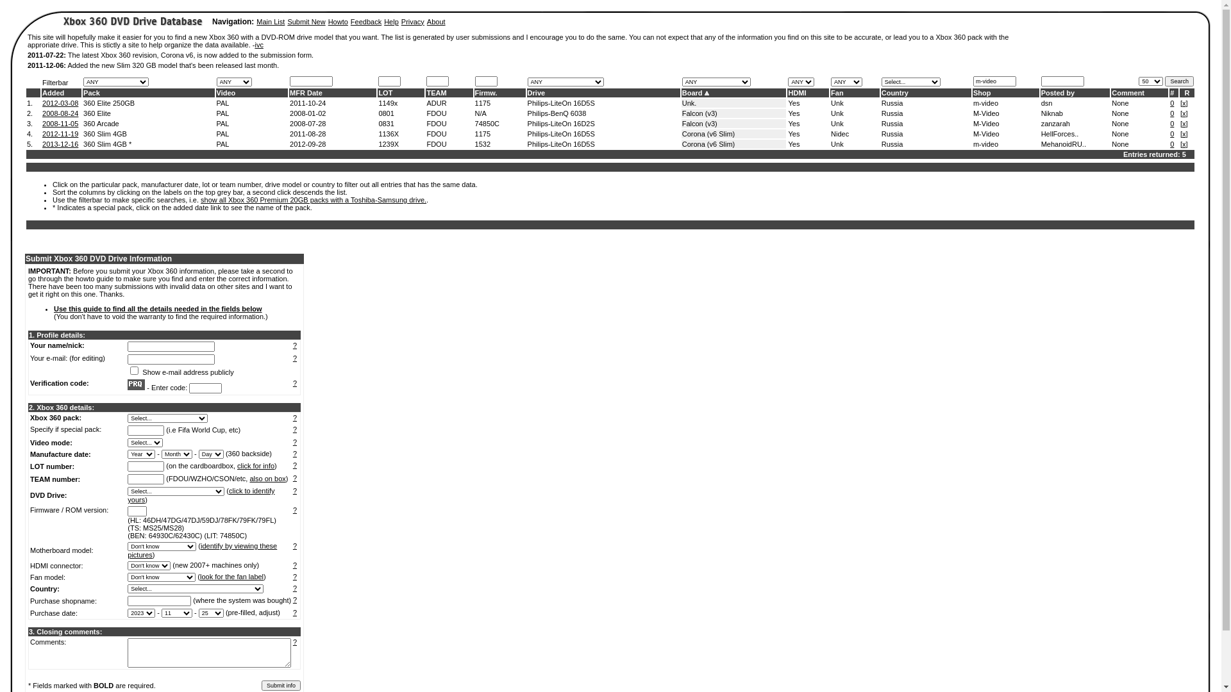 This screenshot has height=692, width=1231. Describe the element at coordinates (223, 123) in the screenshot. I see `'PAL'` at that location.